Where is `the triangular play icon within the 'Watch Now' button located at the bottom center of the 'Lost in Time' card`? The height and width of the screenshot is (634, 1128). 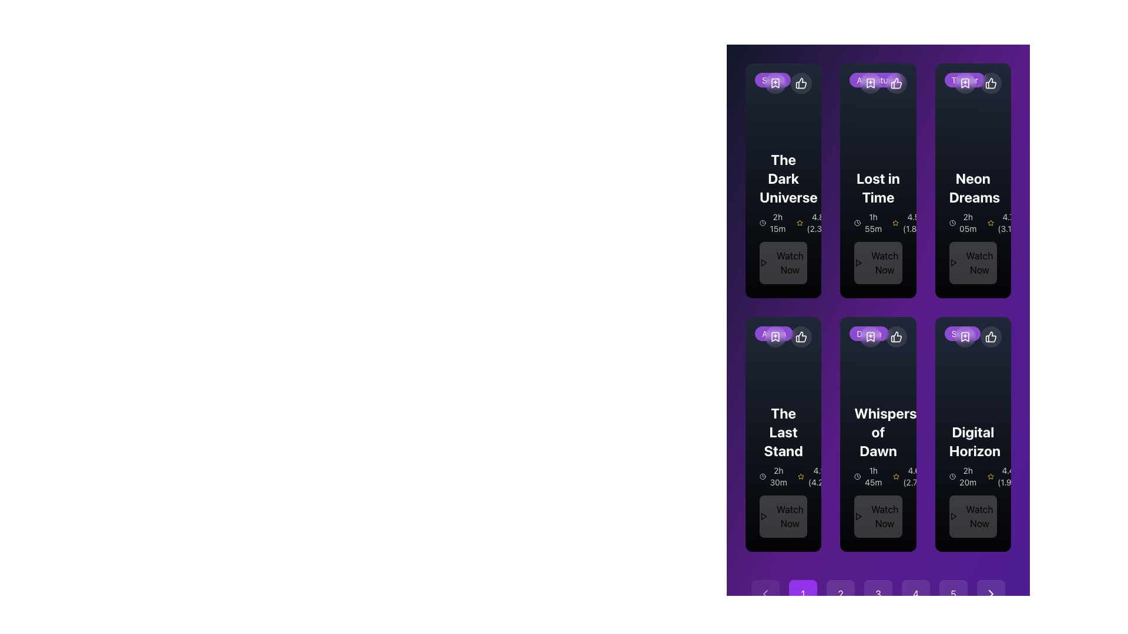
the triangular play icon within the 'Watch Now' button located at the bottom center of the 'Lost in Time' card is located at coordinates (858, 262).